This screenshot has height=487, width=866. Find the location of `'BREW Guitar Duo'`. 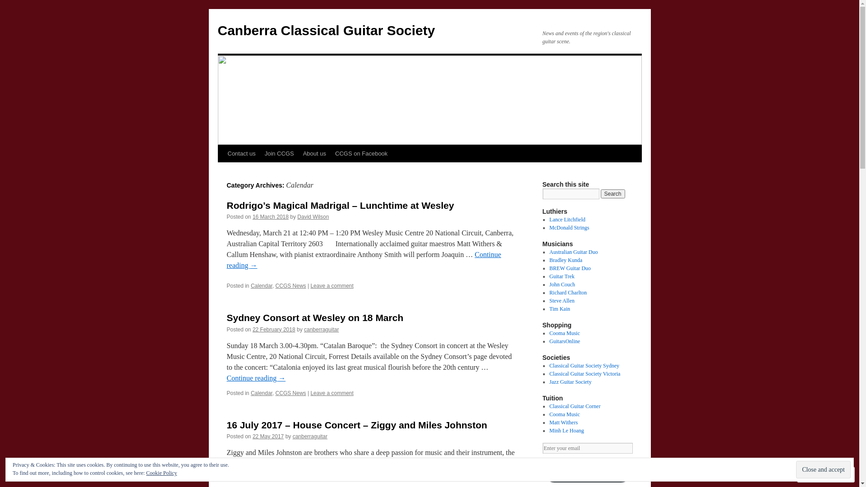

'BREW Guitar Duo' is located at coordinates (569, 267).